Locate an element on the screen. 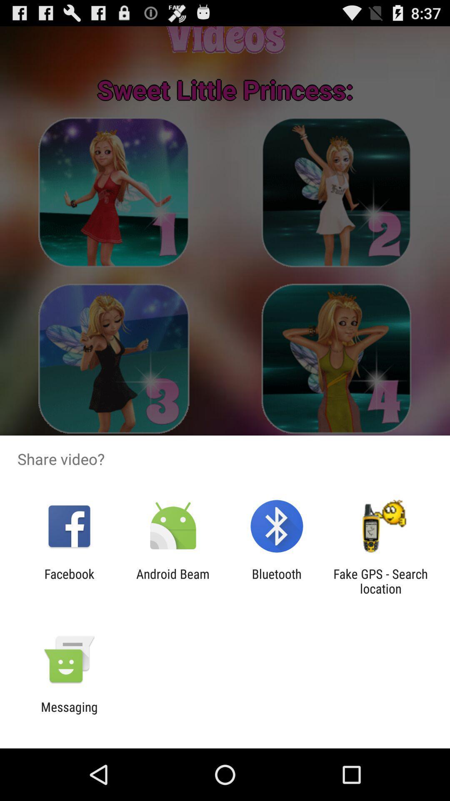 The image size is (450, 801). the item to the right of the bluetooth app is located at coordinates (380, 581).